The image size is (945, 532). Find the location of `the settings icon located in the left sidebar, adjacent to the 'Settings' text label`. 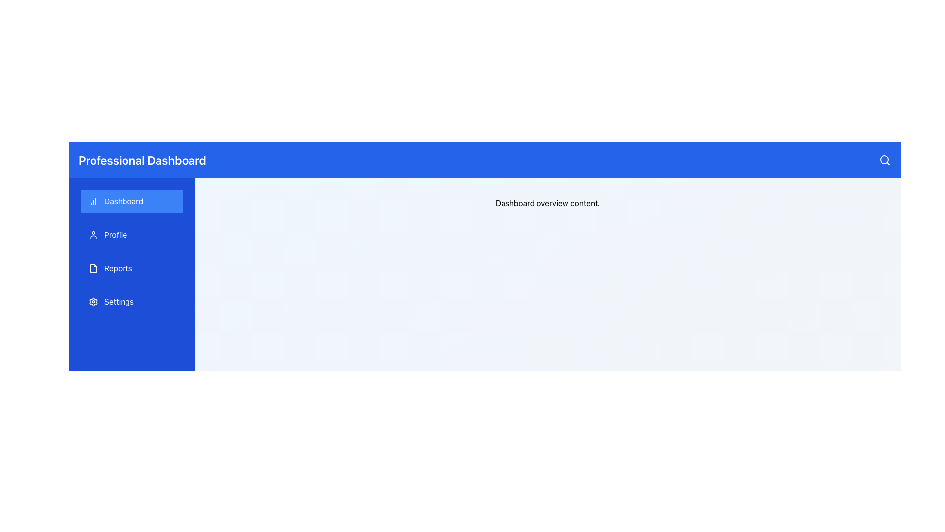

the settings icon located in the left sidebar, adjacent to the 'Settings' text label is located at coordinates (94, 301).